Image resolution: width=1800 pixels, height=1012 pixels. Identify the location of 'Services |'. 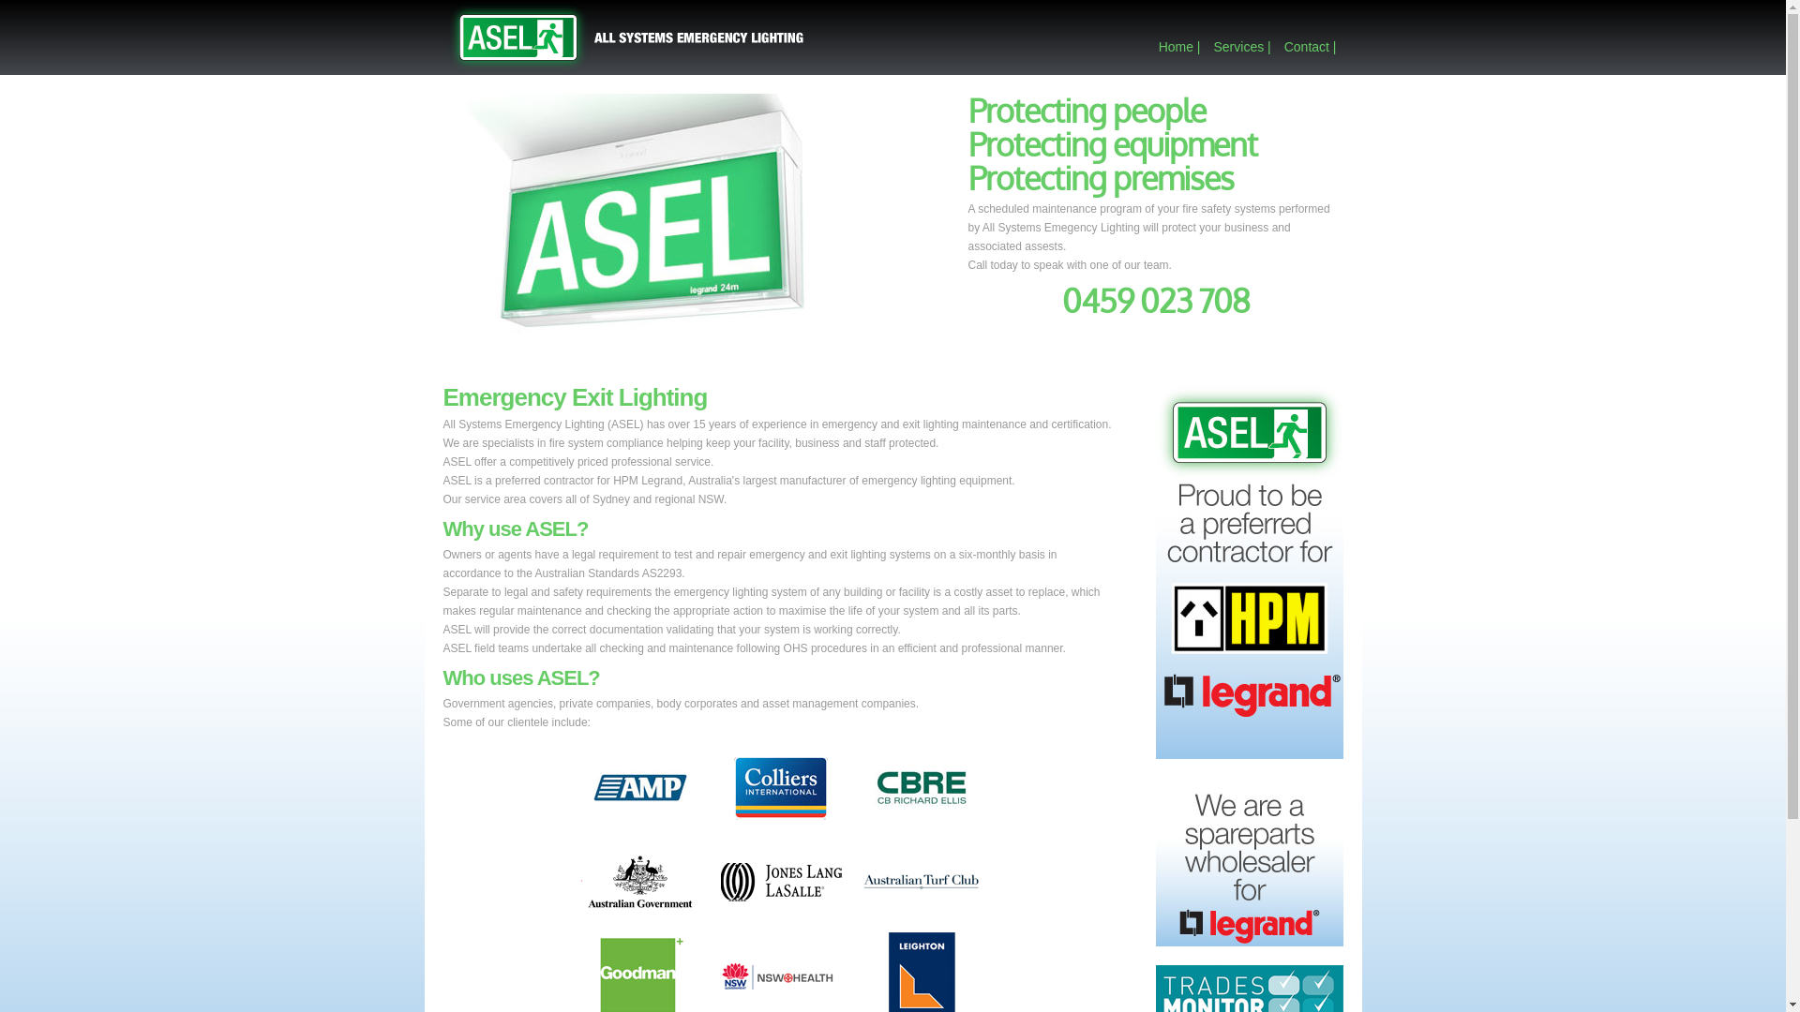
(1241, 46).